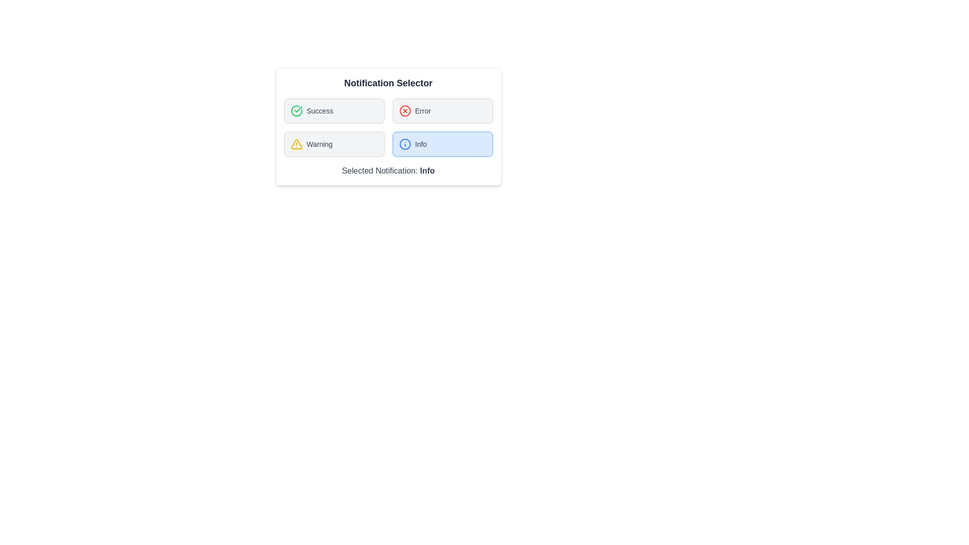 The width and height of the screenshot is (969, 545). Describe the element at coordinates (443, 111) in the screenshot. I see `the Error button to observe its hover effect` at that location.